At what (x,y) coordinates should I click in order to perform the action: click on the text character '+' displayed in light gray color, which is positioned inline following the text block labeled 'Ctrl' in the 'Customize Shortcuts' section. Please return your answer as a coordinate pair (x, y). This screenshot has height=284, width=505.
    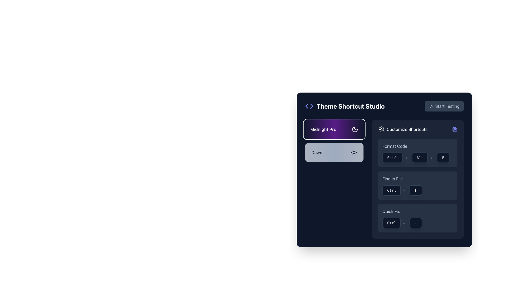
    Looking at the image, I should click on (404, 223).